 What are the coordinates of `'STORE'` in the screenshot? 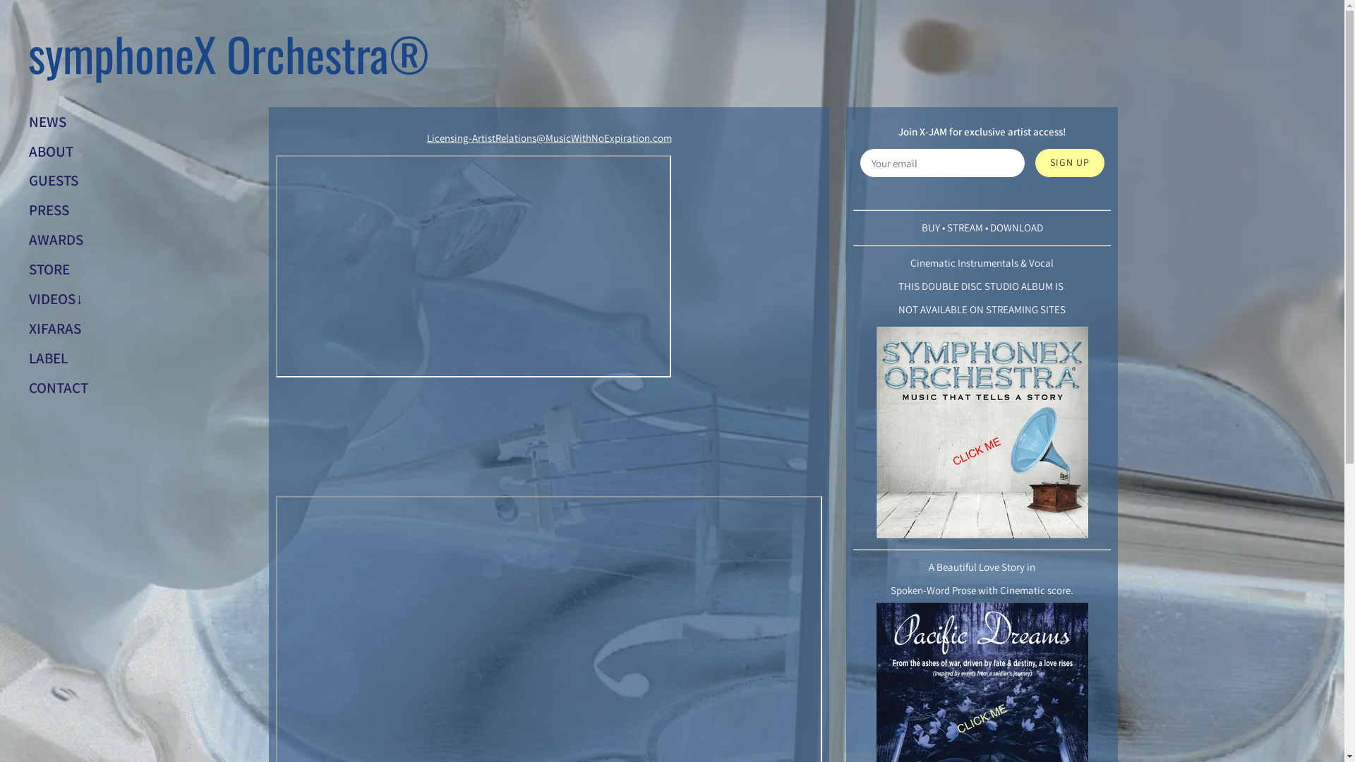 It's located at (49, 269).